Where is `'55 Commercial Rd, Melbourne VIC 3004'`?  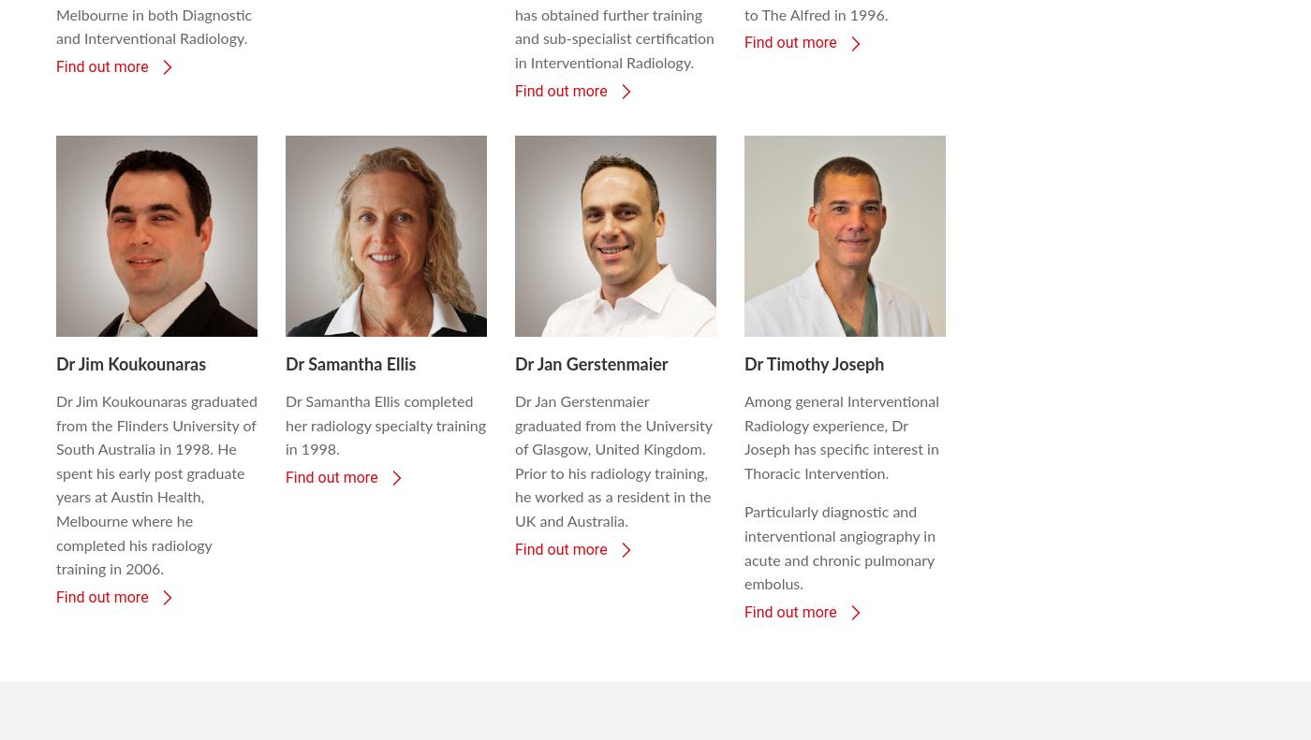 '55 Commercial Rd, Melbourne VIC 3004' is located at coordinates (183, 667).